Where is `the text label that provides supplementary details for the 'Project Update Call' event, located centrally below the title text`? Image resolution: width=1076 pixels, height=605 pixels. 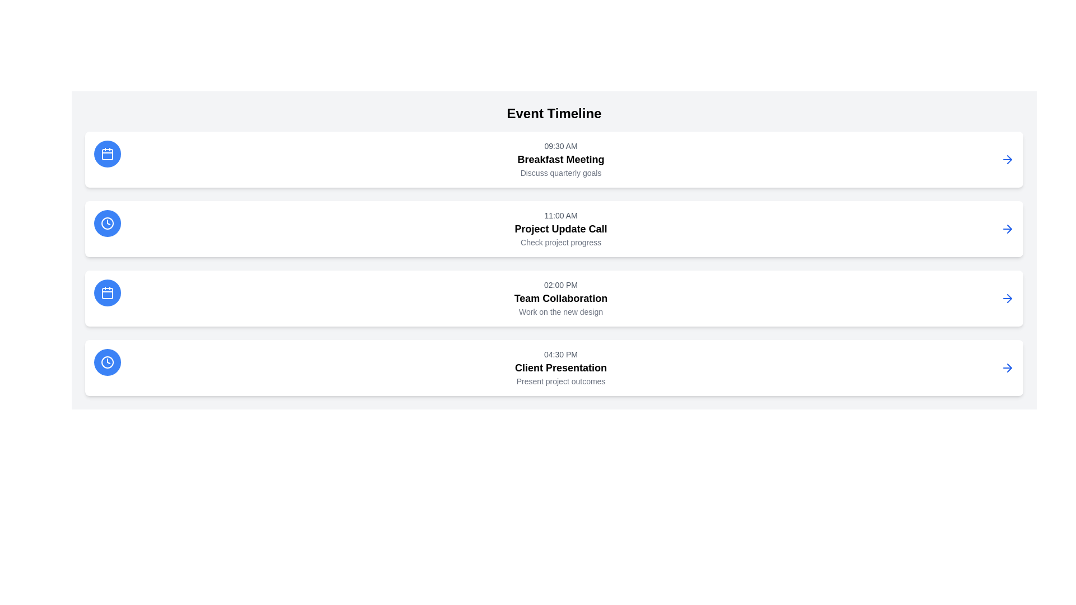
the text label that provides supplementary details for the 'Project Update Call' event, located centrally below the title text is located at coordinates (561, 241).